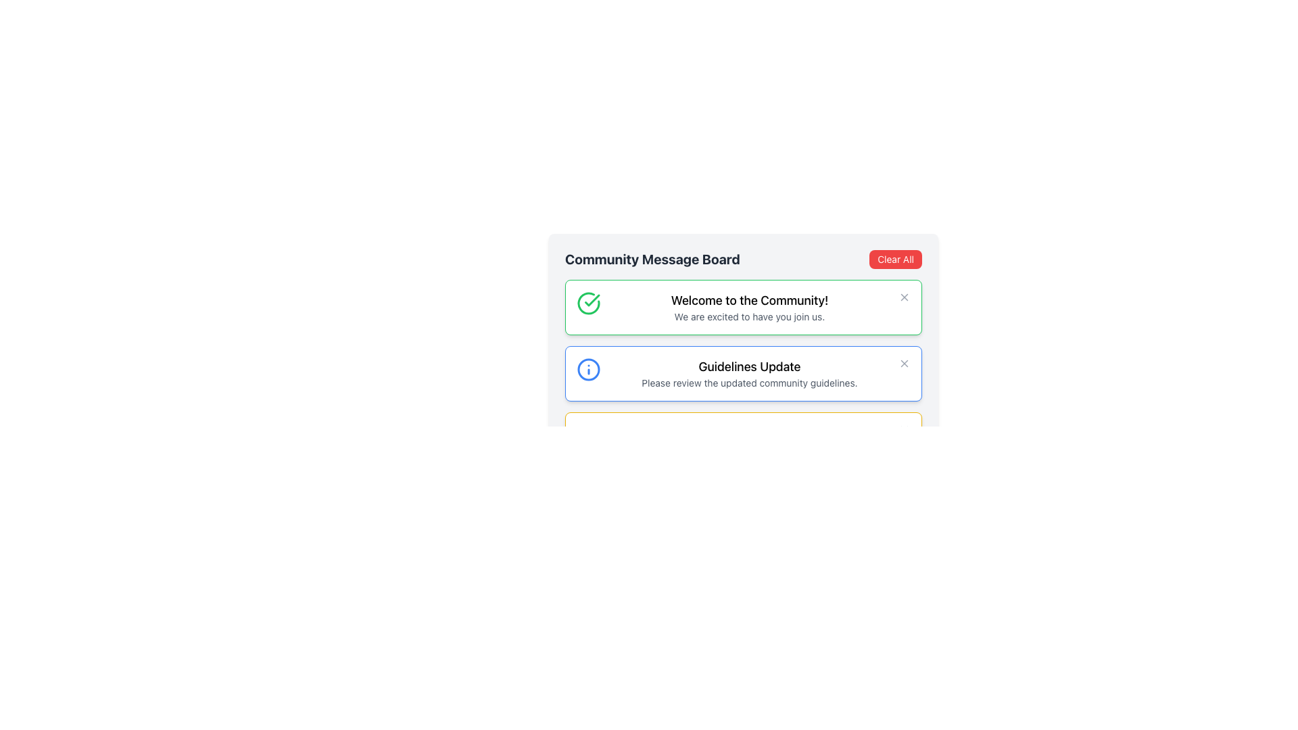 This screenshot has width=1298, height=730. What do you see at coordinates (748, 299) in the screenshot?
I see `the text element displaying 'Welcome to the Community!' which is styled as a title or header, located in the first notification box with a green outline` at bounding box center [748, 299].